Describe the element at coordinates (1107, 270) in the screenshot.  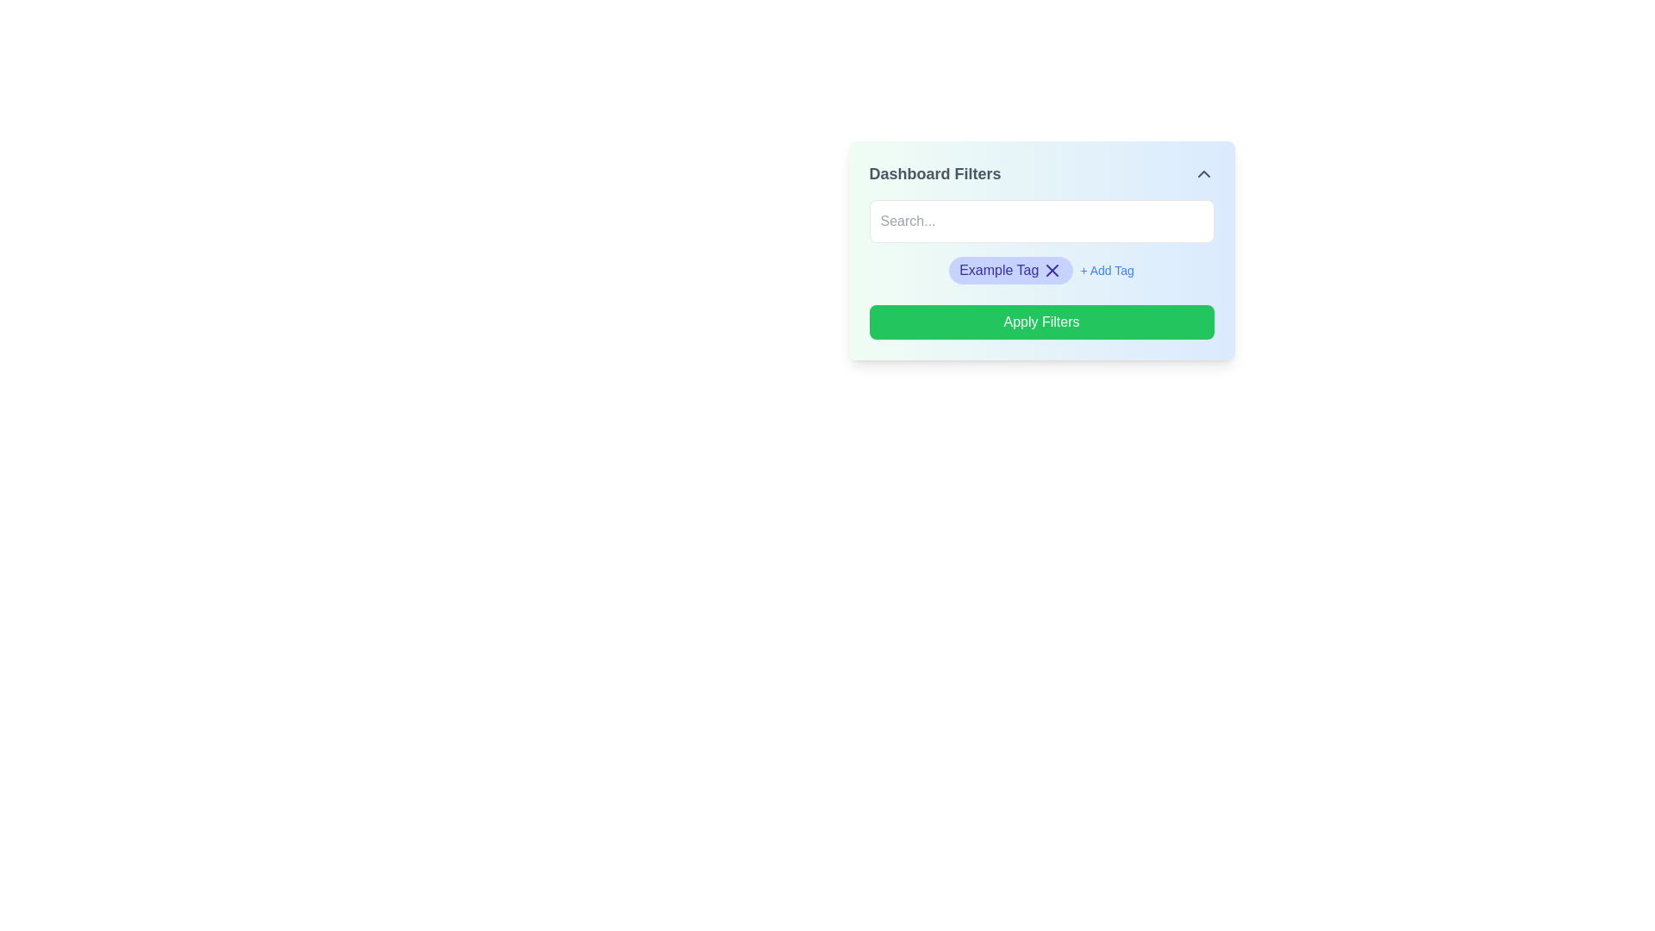
I see `the clickable text located to the right of the 'Example Tag' element in the 'Dashboard Filters' dialog box` at that location.